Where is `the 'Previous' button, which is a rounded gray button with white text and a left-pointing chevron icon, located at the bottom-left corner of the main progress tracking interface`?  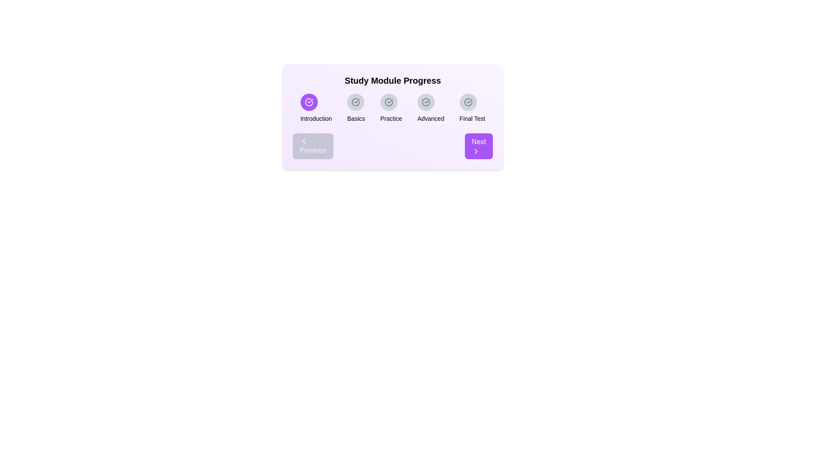
the 'Previous' button, which is a rounded gray button with white text and a left-pointing chevron icon, located at the bottom-left corner of the main progress tracking interface is located at coordinates (313, 146).